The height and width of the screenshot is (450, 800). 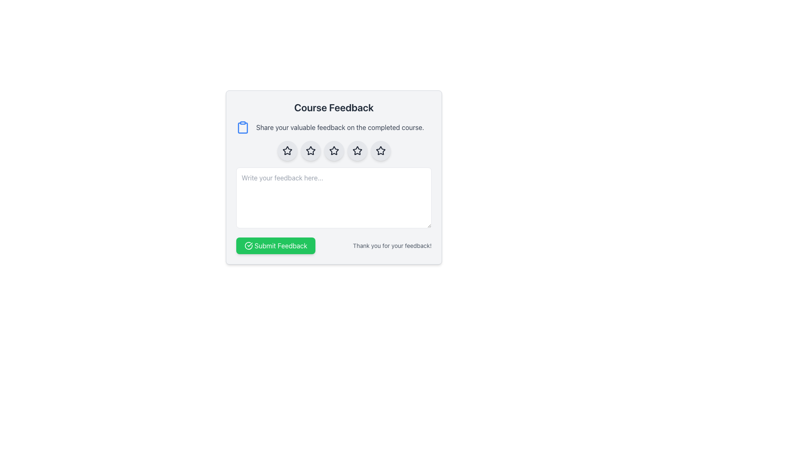 What do you see at coordinates (380, 151) in the screenshot?
I see `the fourth star icon in the rating component to provide a four-star rating` at bounding box center [380, 151].